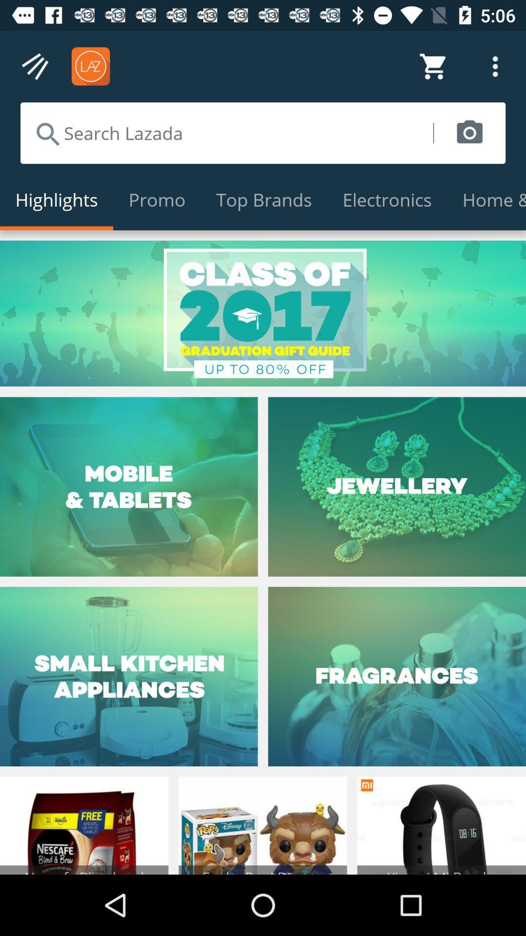 This screenshot has width=526, height=936. What do you see at coordinates (226, 133) in the screenshot?
I see `the icon above highlights item` at bounding box center [226, 133].